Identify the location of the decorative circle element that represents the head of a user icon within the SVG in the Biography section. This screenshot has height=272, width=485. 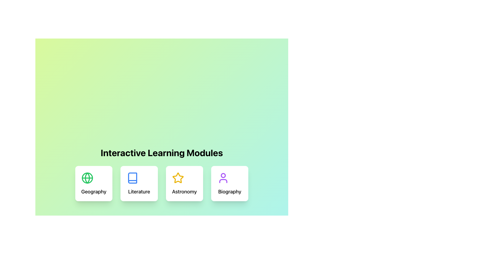
(223, 175).